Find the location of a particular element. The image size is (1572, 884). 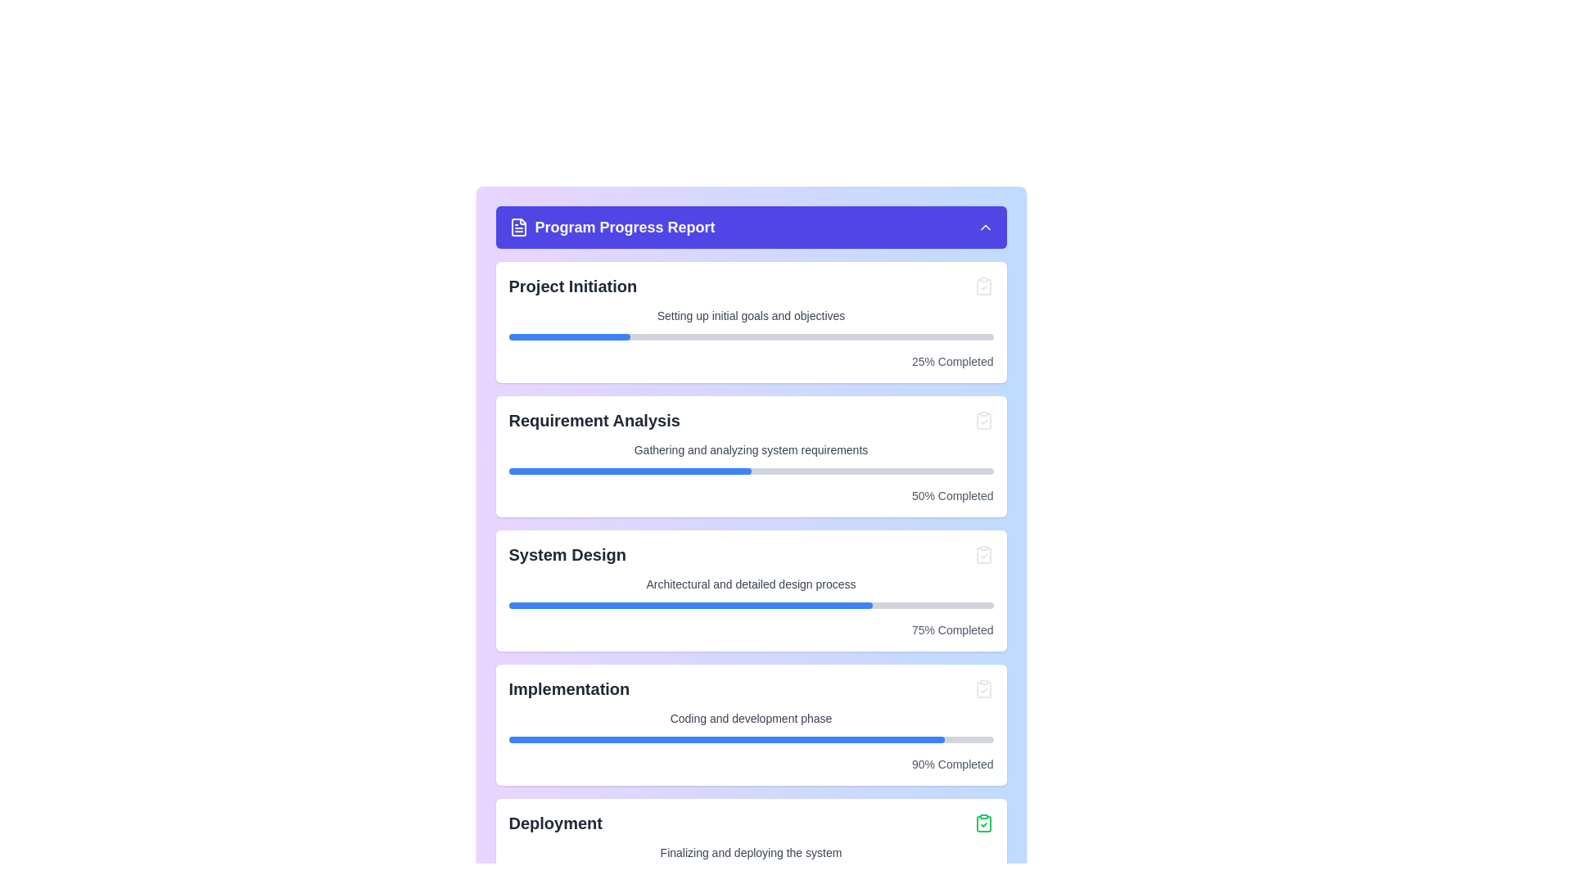

the text label displaying 'Project Initiation' in bold, large gray font, located at the top of the 'Project Initiation' section is located at coordinates (572, 286).